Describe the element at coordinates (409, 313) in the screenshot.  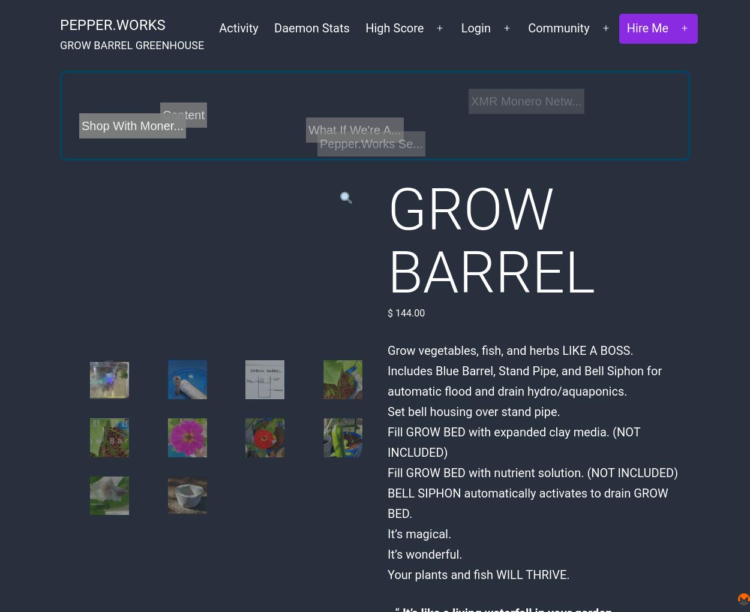
I see `'144.00'` at that location.